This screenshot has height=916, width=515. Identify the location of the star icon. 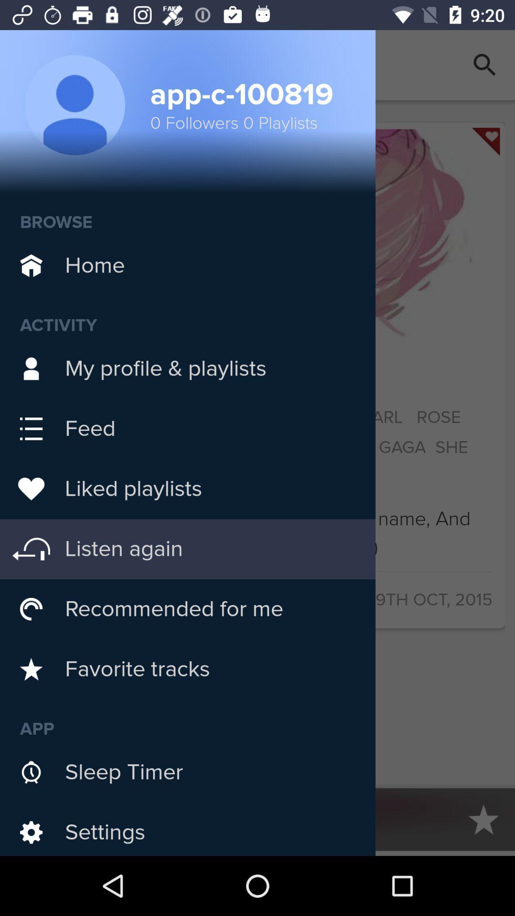
(484, 819).